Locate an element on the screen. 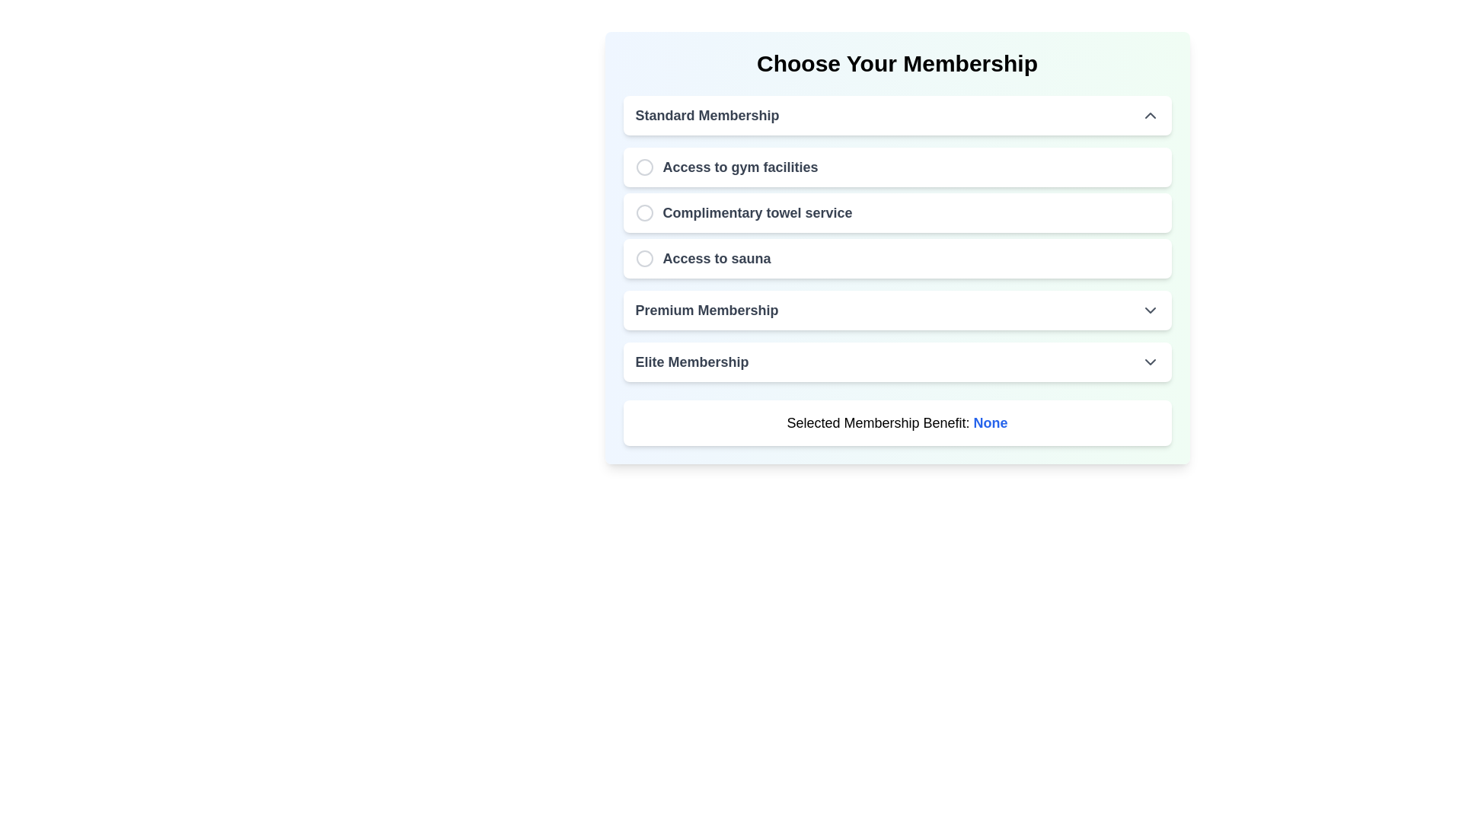 The height and width of the screenshot is (822, 1462). the radio button icon is located at coordinates (644, 167).